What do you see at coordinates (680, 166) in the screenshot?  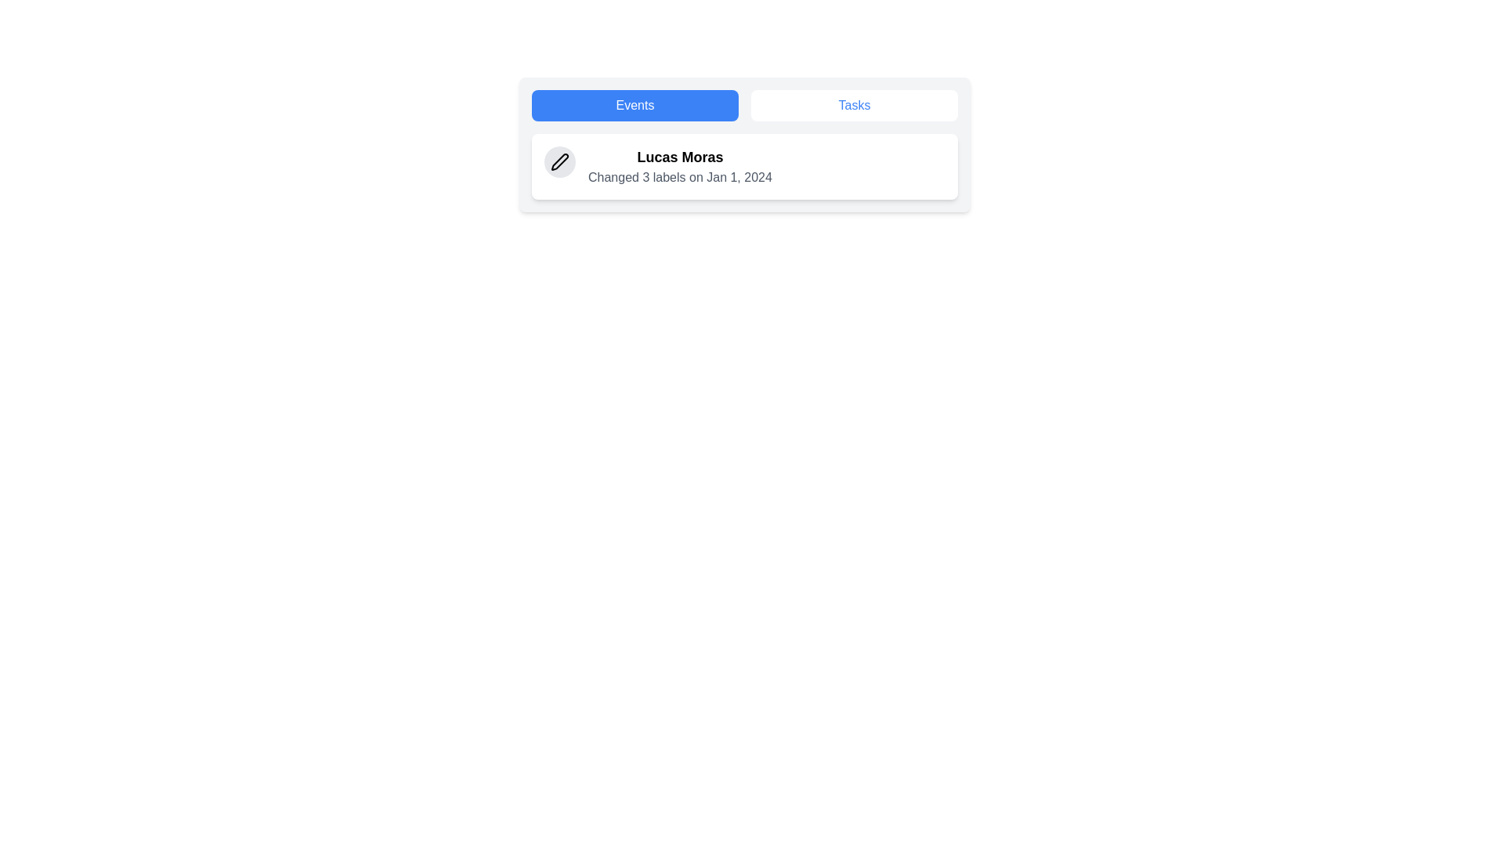 I see `the text component displaying 'Lucas Moras' and 'Changed 3 labels on Jan 1, 2024' to read its content` at bounding box center [680, 166].